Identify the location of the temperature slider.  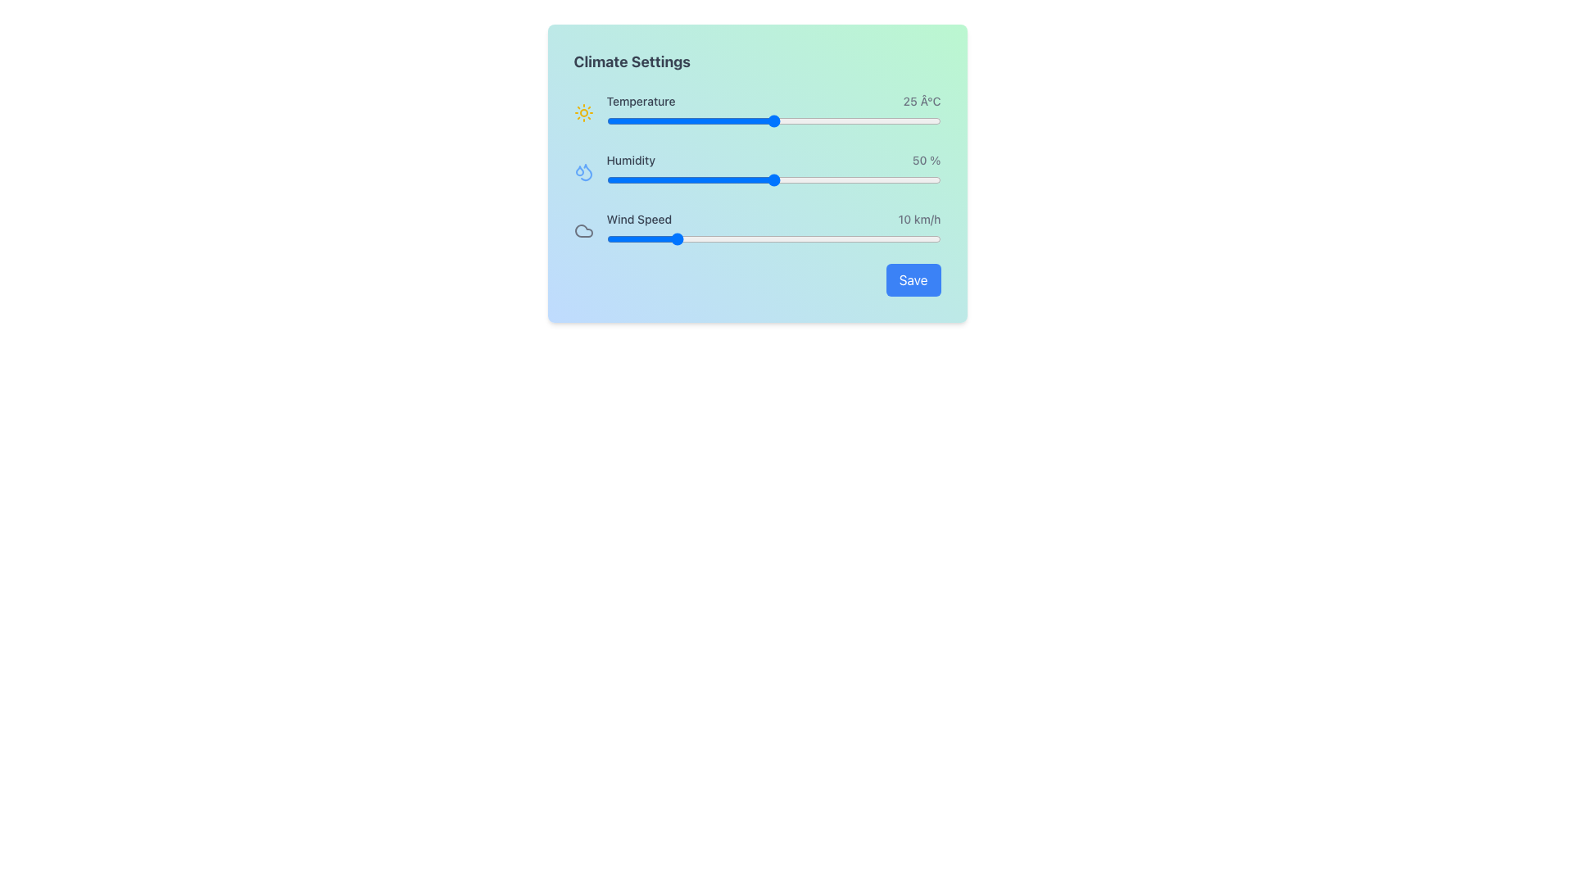
(700, 120).